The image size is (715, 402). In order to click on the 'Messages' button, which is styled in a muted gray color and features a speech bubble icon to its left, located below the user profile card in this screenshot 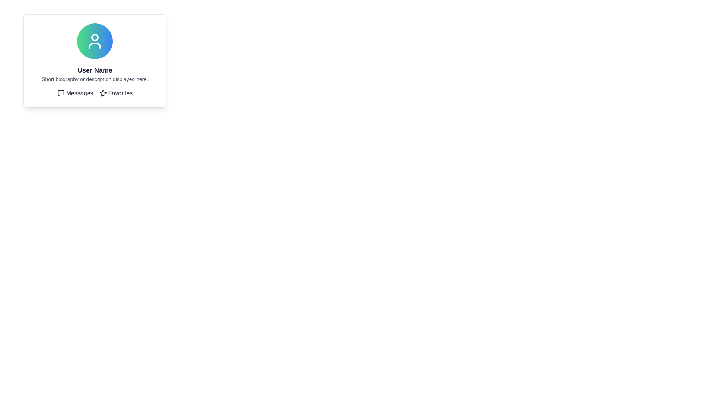, I will do `click(75, 93)`.